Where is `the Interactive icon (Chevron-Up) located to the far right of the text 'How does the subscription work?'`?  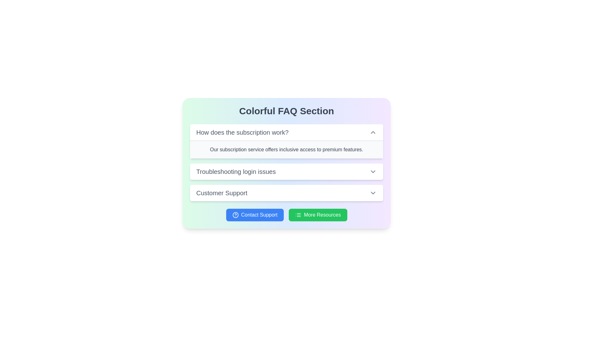
the Interactive icon (Chevron-Up) located to the far right of the text 'How does the subscription work?' is located at coordinates (373, 132).